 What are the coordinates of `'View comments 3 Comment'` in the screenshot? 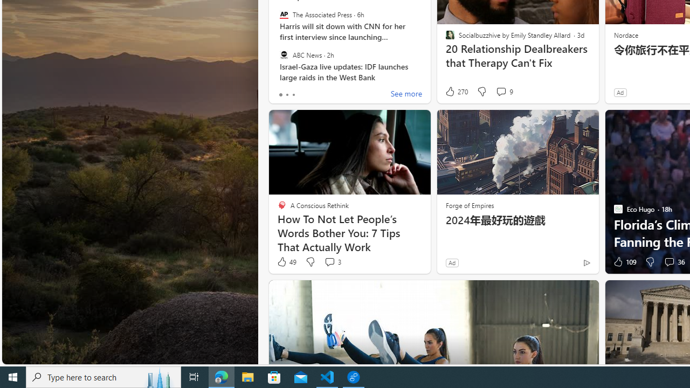 It's located at (332, 262).